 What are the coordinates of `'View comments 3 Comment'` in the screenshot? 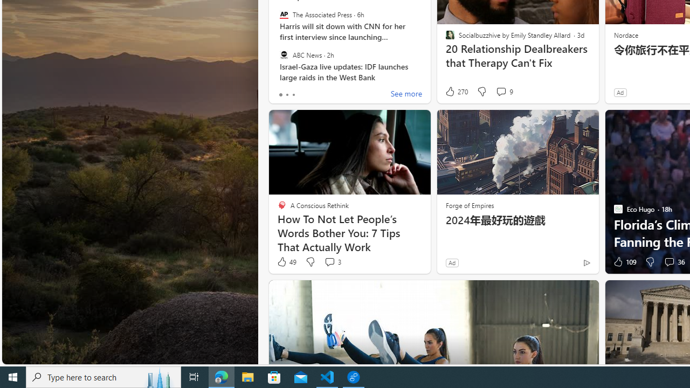 It's located at (332, 262).